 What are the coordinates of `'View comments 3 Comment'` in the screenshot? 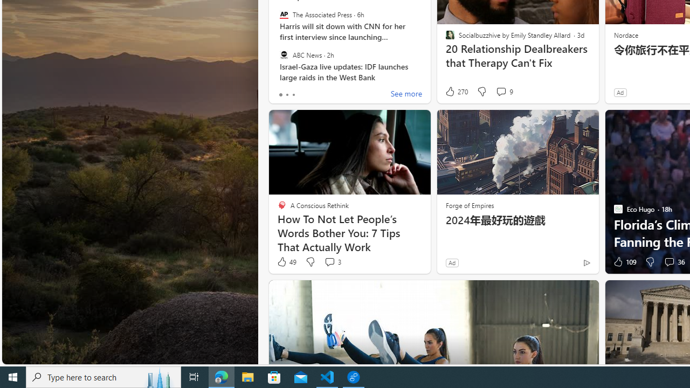 It's located at (332, 262).